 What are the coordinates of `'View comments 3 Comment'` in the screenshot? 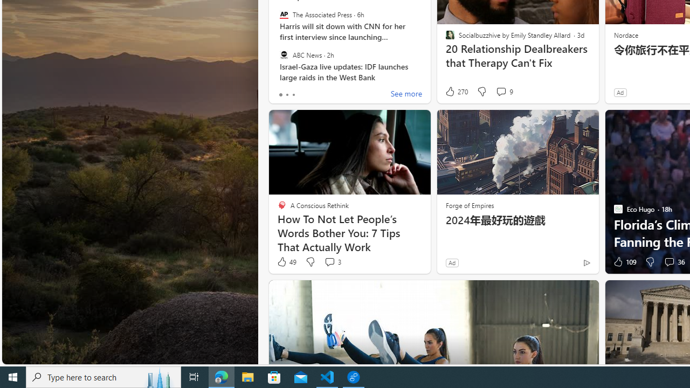 It's located at (332, 262).